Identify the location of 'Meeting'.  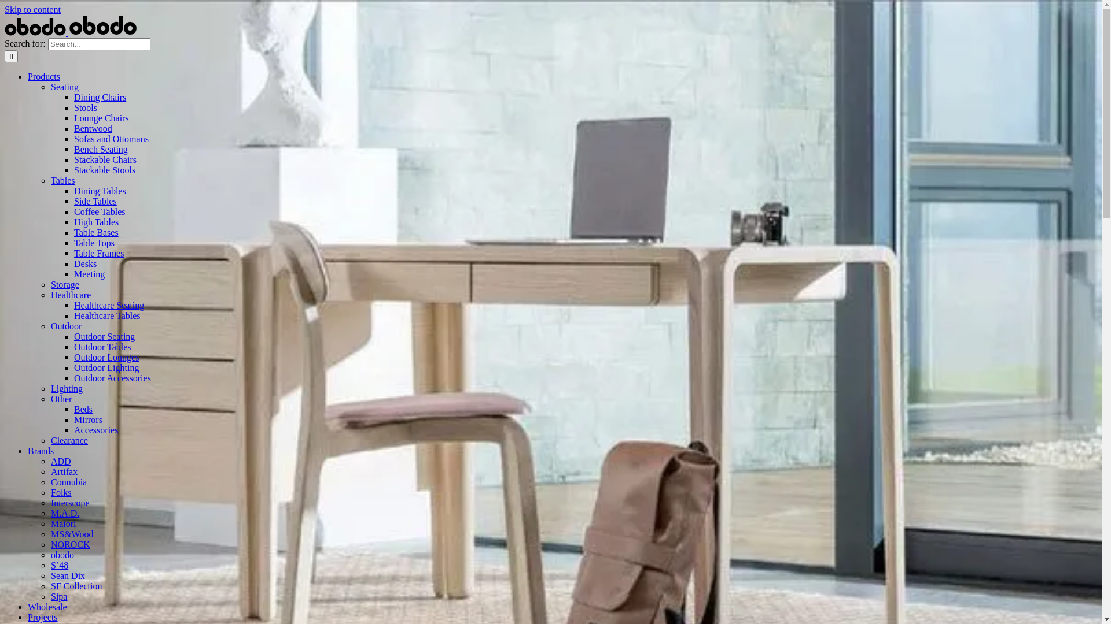
(89, 274).